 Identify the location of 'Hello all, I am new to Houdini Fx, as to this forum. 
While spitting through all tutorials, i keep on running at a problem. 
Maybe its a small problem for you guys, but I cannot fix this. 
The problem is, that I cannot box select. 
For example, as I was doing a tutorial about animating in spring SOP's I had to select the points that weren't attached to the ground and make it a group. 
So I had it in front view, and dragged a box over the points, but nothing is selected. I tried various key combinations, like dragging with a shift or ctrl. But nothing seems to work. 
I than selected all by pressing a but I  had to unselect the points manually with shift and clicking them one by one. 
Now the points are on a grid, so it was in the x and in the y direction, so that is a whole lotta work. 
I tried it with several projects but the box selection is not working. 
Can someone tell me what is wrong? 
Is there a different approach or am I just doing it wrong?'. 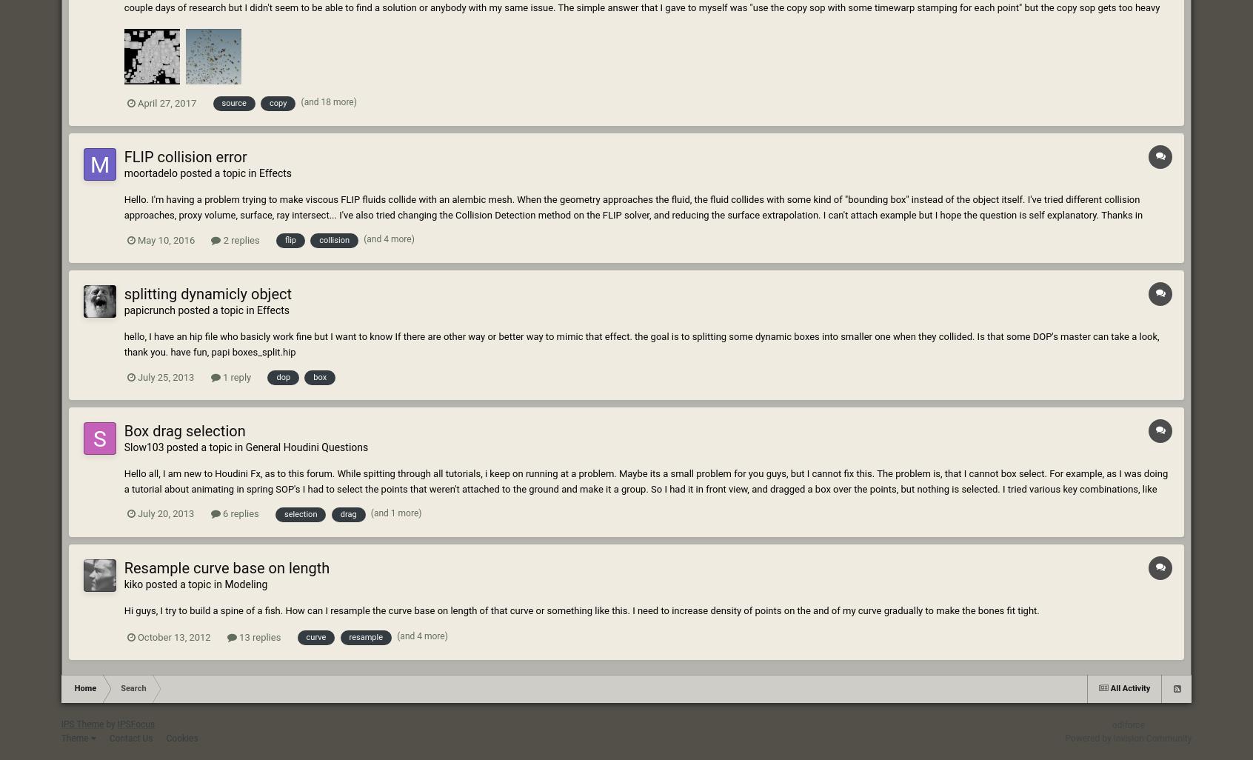
(645, 495).